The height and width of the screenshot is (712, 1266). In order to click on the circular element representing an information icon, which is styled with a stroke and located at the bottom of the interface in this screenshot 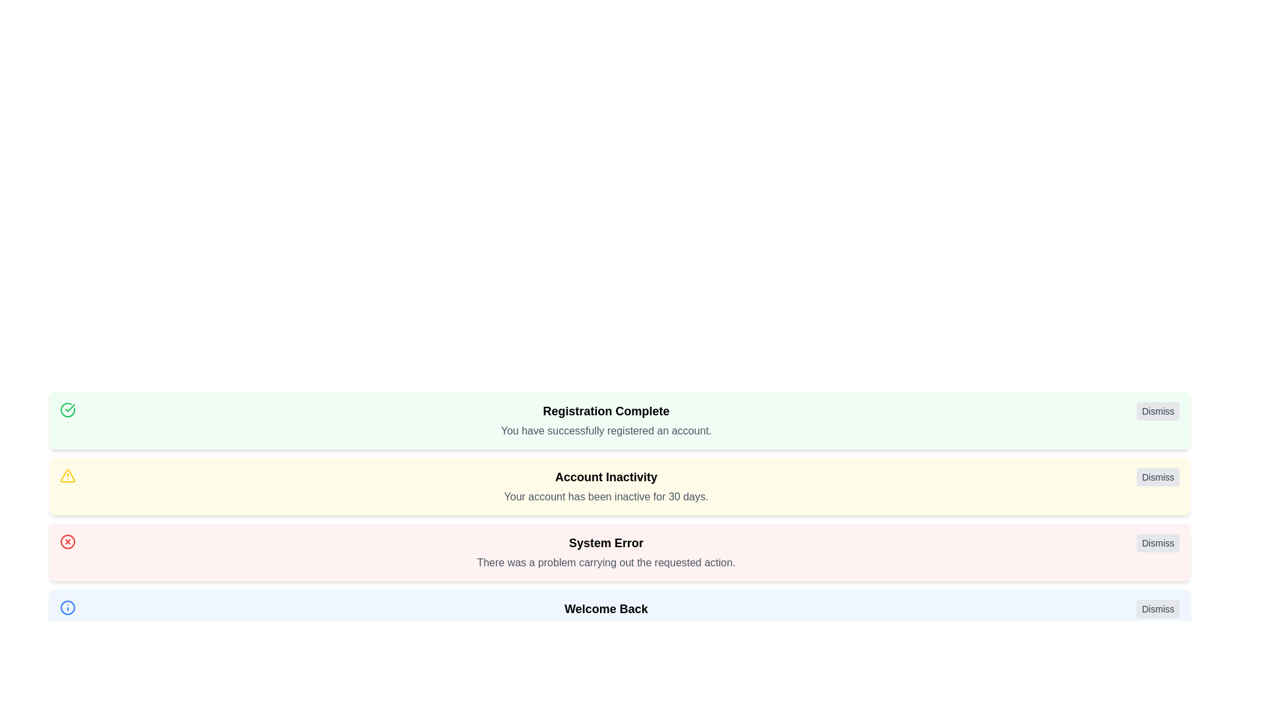, I will do `click(67, 607)`.